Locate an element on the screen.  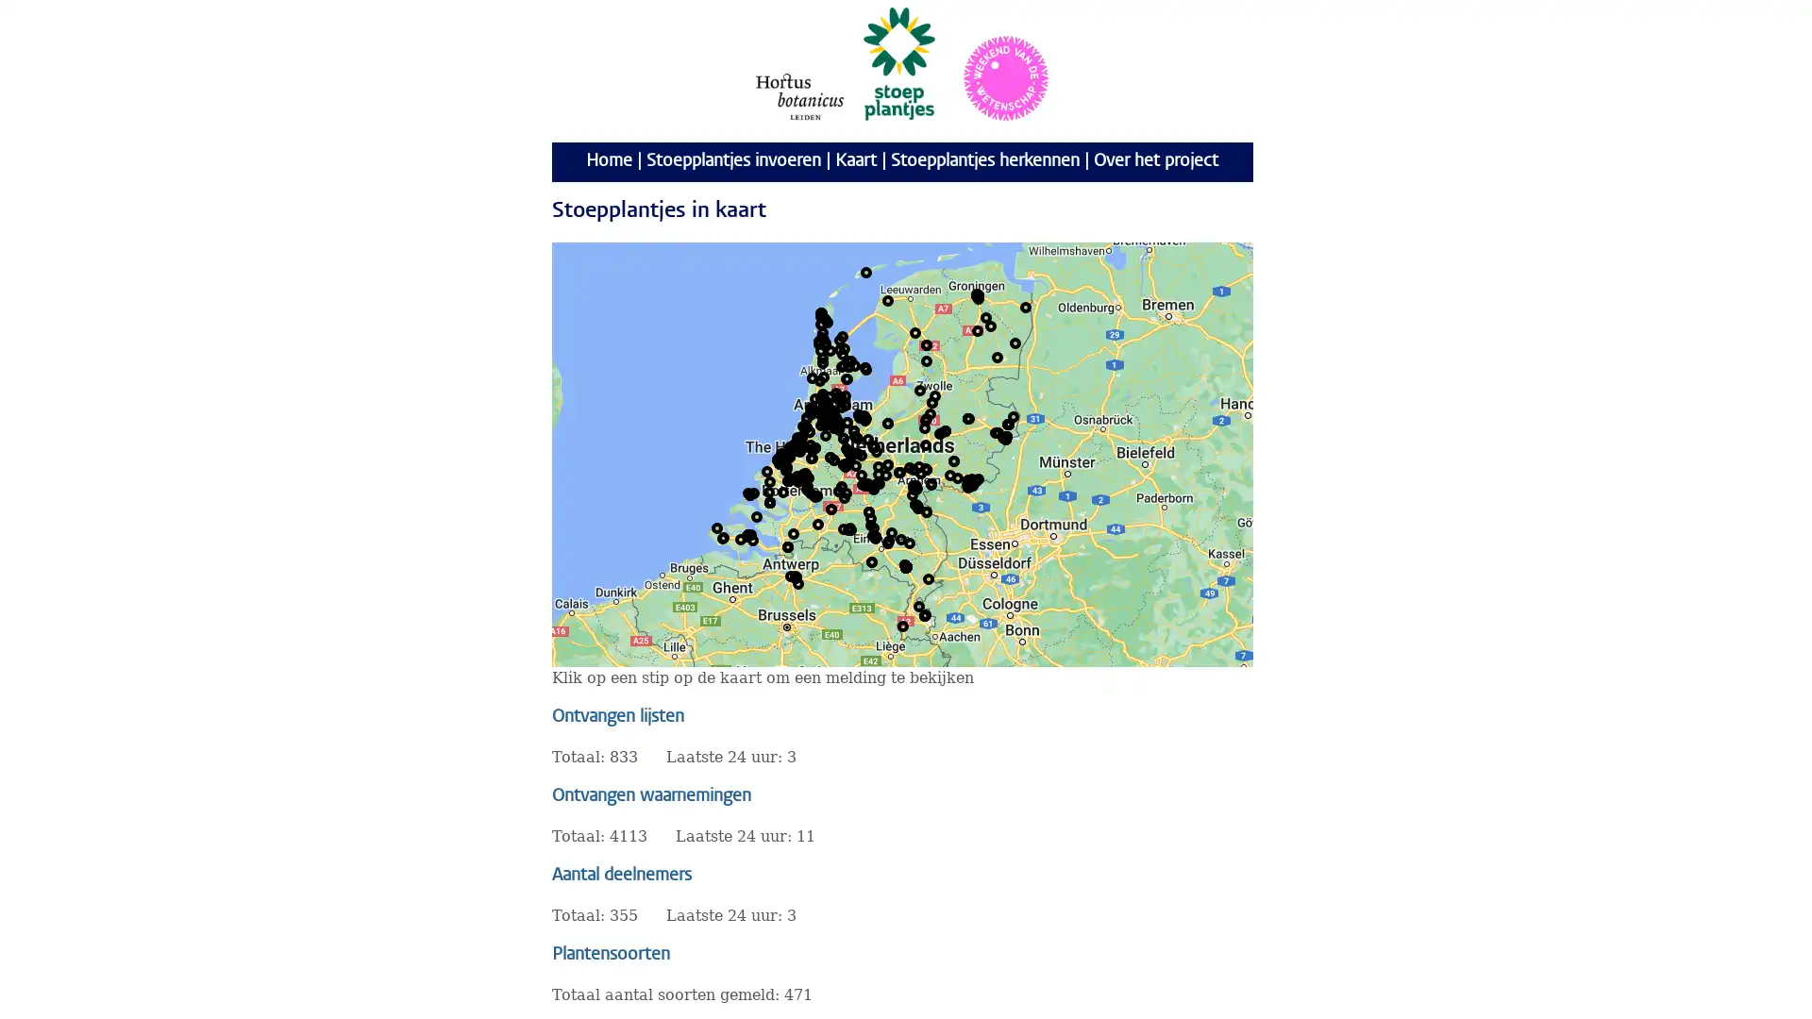
Telling van Edith op 30 mei 2022 is located at coordinates (886, 542).